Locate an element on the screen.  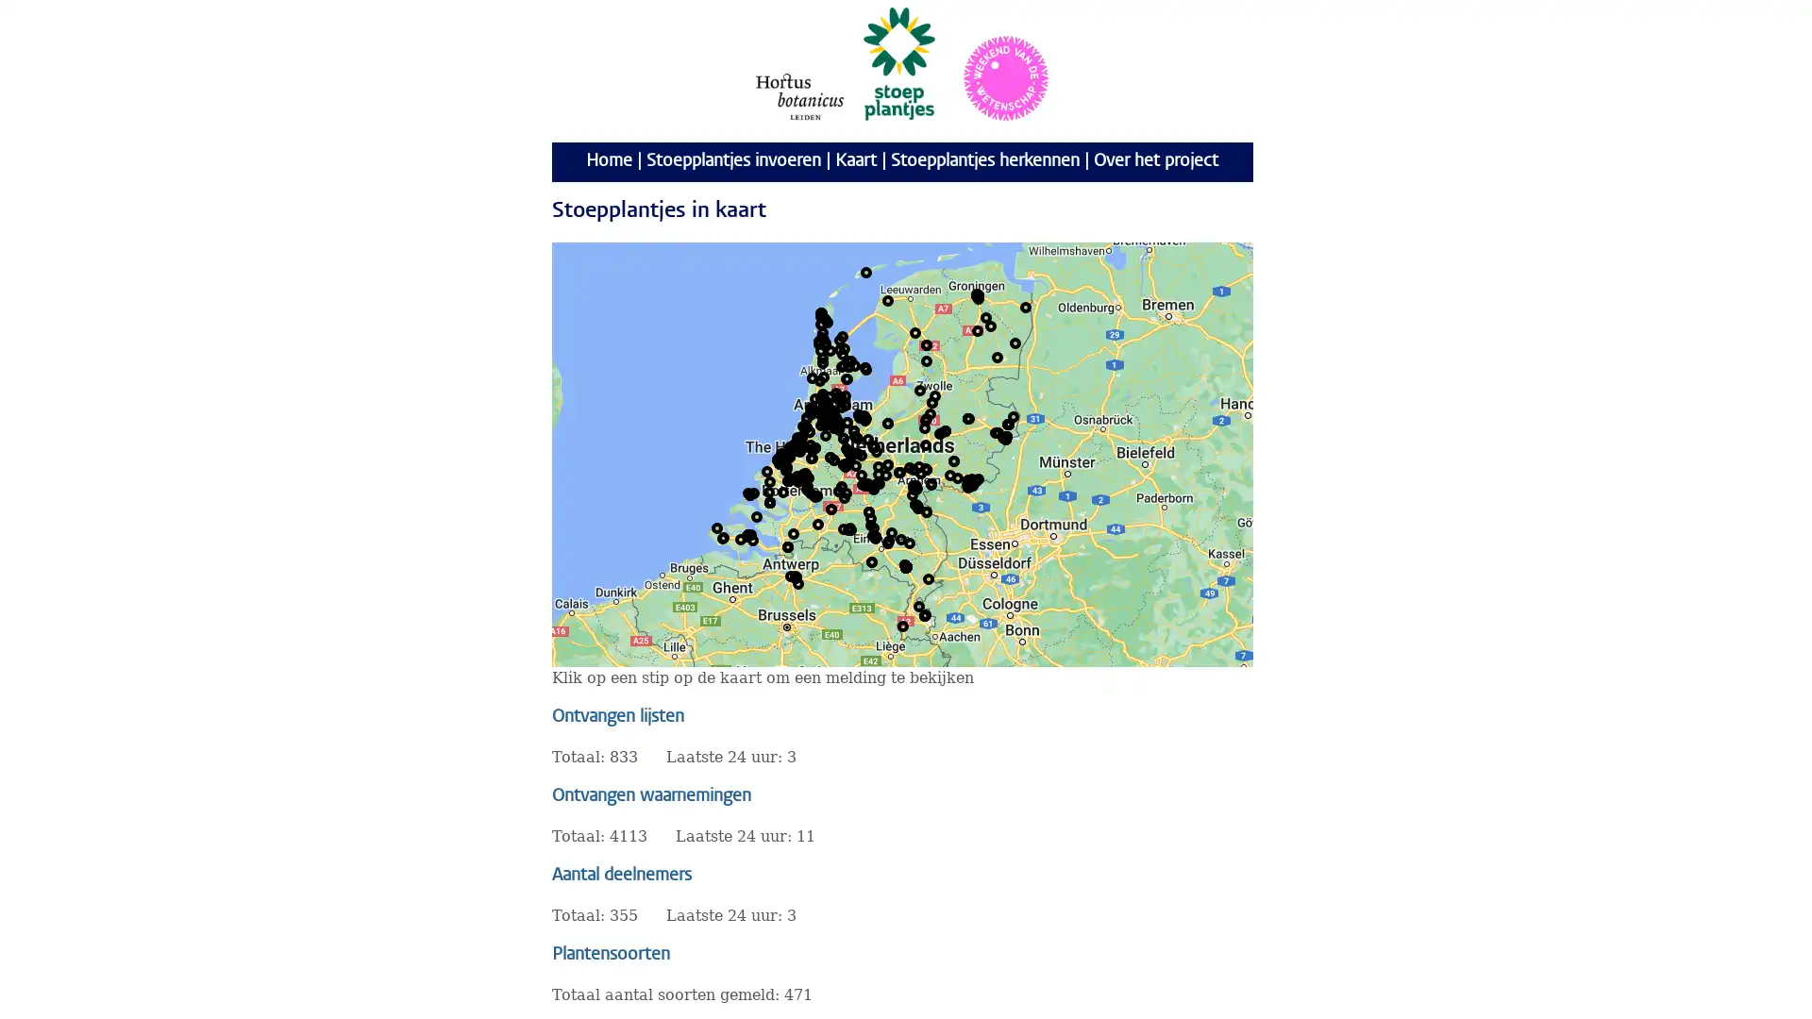
Telling van Edith op 30 mei 2022 is located at coordinates (886, 542).